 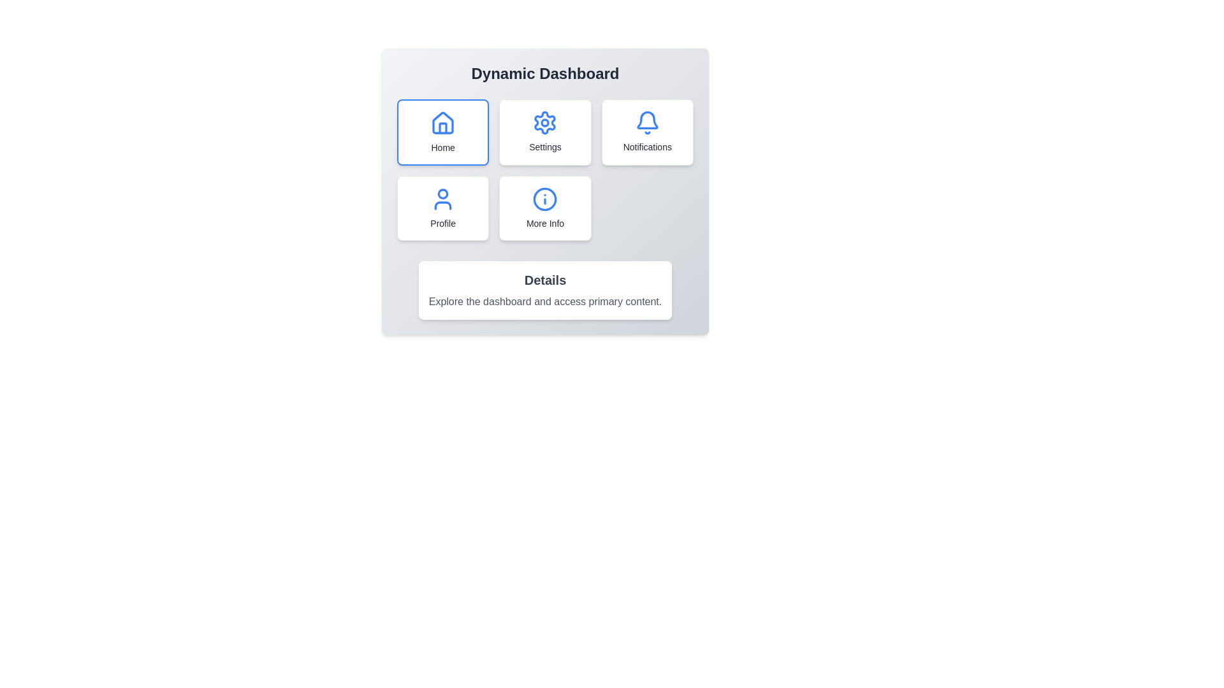 I want to click on the 'Notifications' button with a notification bell icon, located in the top row of the grid structure, to trigger a visual effect, so click(x=647, y=133).